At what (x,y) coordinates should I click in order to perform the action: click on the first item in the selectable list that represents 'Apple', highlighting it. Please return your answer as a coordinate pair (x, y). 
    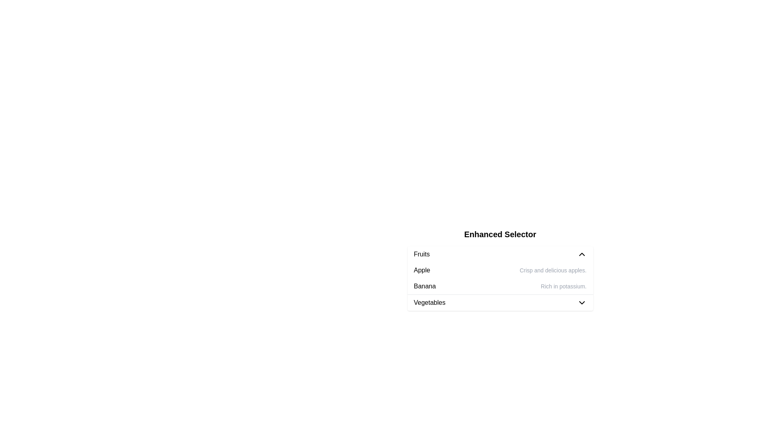
    Looking at the image, I should click on (500, 270).